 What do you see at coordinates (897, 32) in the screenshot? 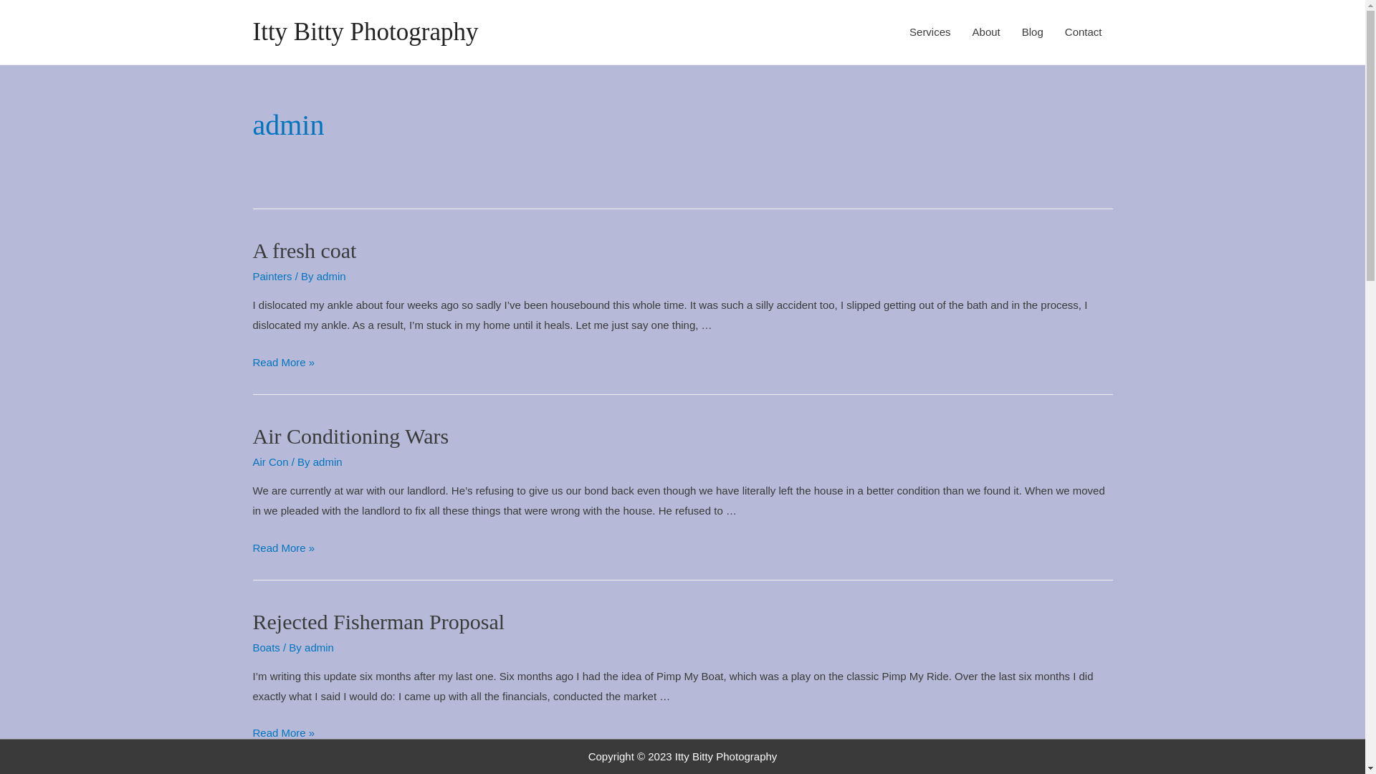
I see `'Services'` at bounding box center [897, 32].